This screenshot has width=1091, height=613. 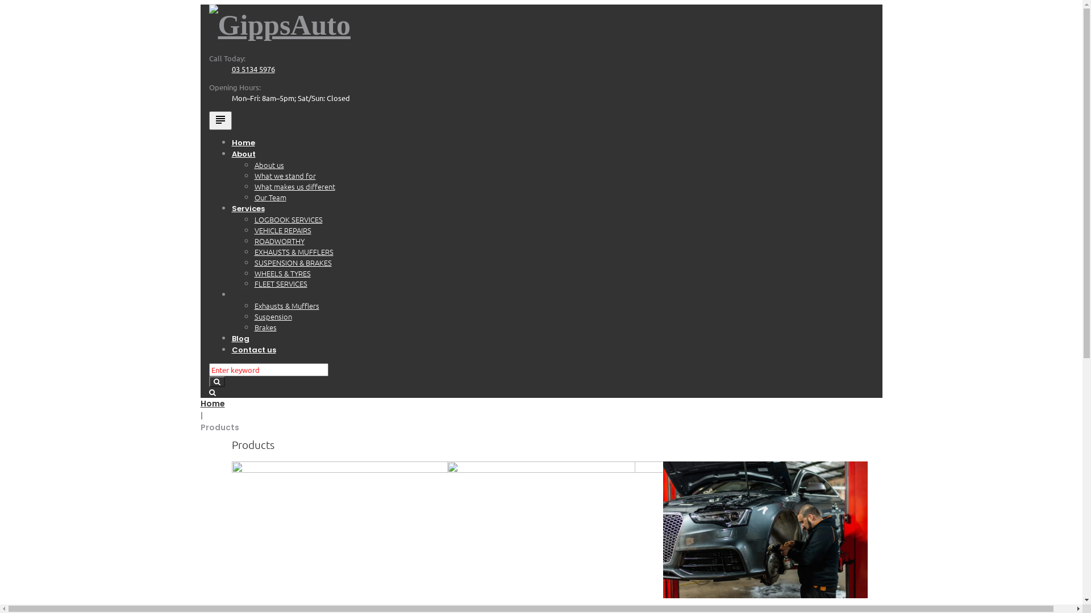 I want to click on 'Services', so click(x=247, y=208).